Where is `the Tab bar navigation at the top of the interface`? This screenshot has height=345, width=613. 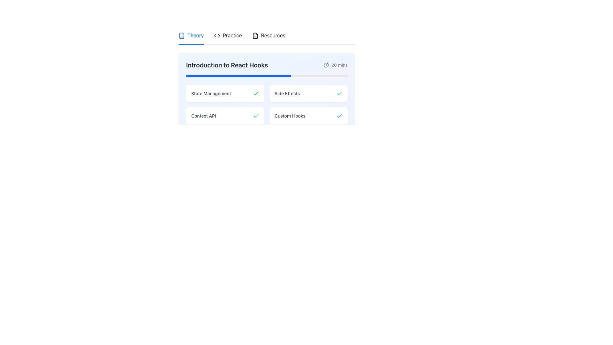
the Tab bar navigation at the top of the interface is located at coordinates (267, 79).